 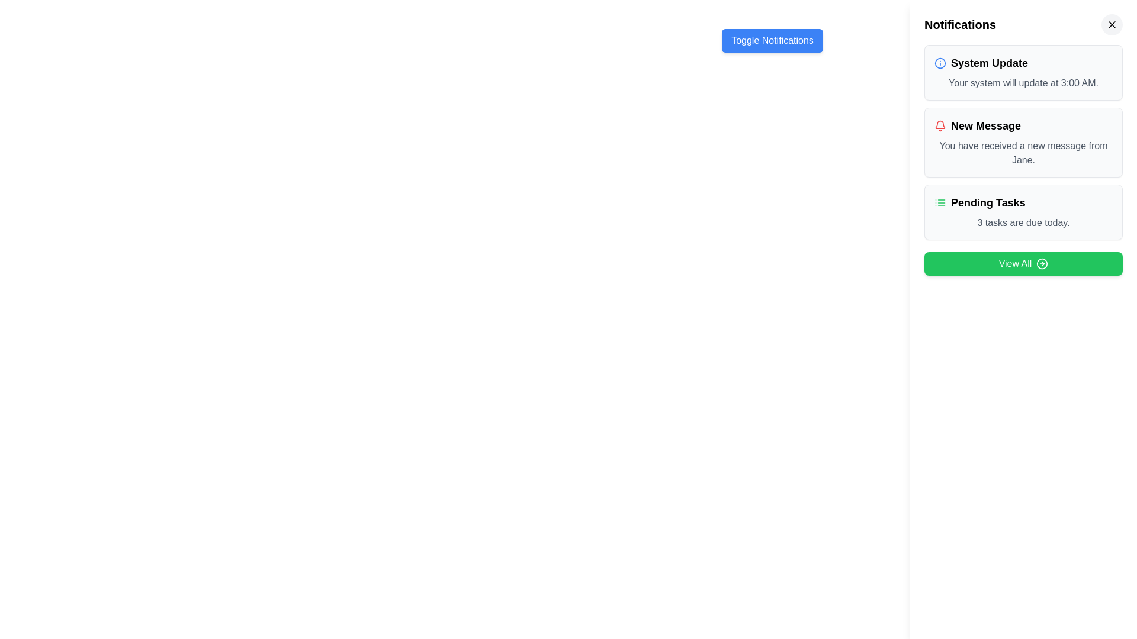 I want to click on the static text displaying the notification message about a new message from Jane, located beneath the title 'New Message' in the notifications panel, so click(x=1023, y=152).